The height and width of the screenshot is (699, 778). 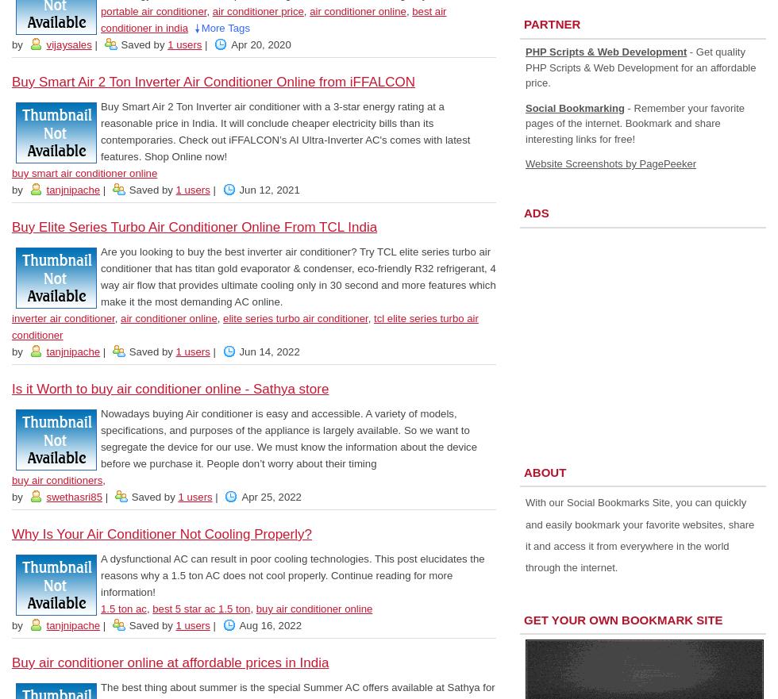 What do you see at coordinates (634, 121) in the screenshot?
I see `'- Remember your favorite pages of the internet. Bookmark and share interesting links for free!'` at bounding box center [634, 121].